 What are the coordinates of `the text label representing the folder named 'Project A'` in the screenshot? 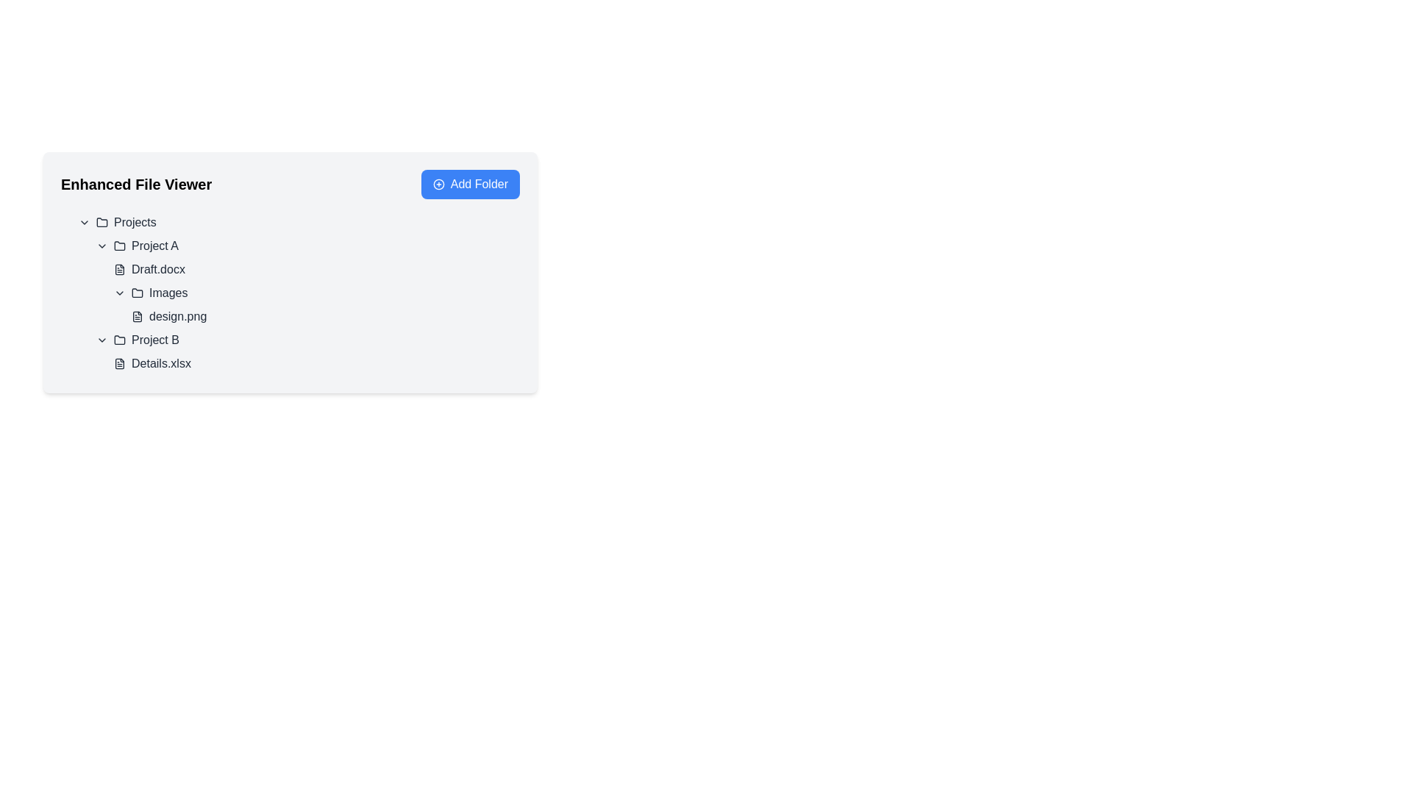 It's located at (155, 246).